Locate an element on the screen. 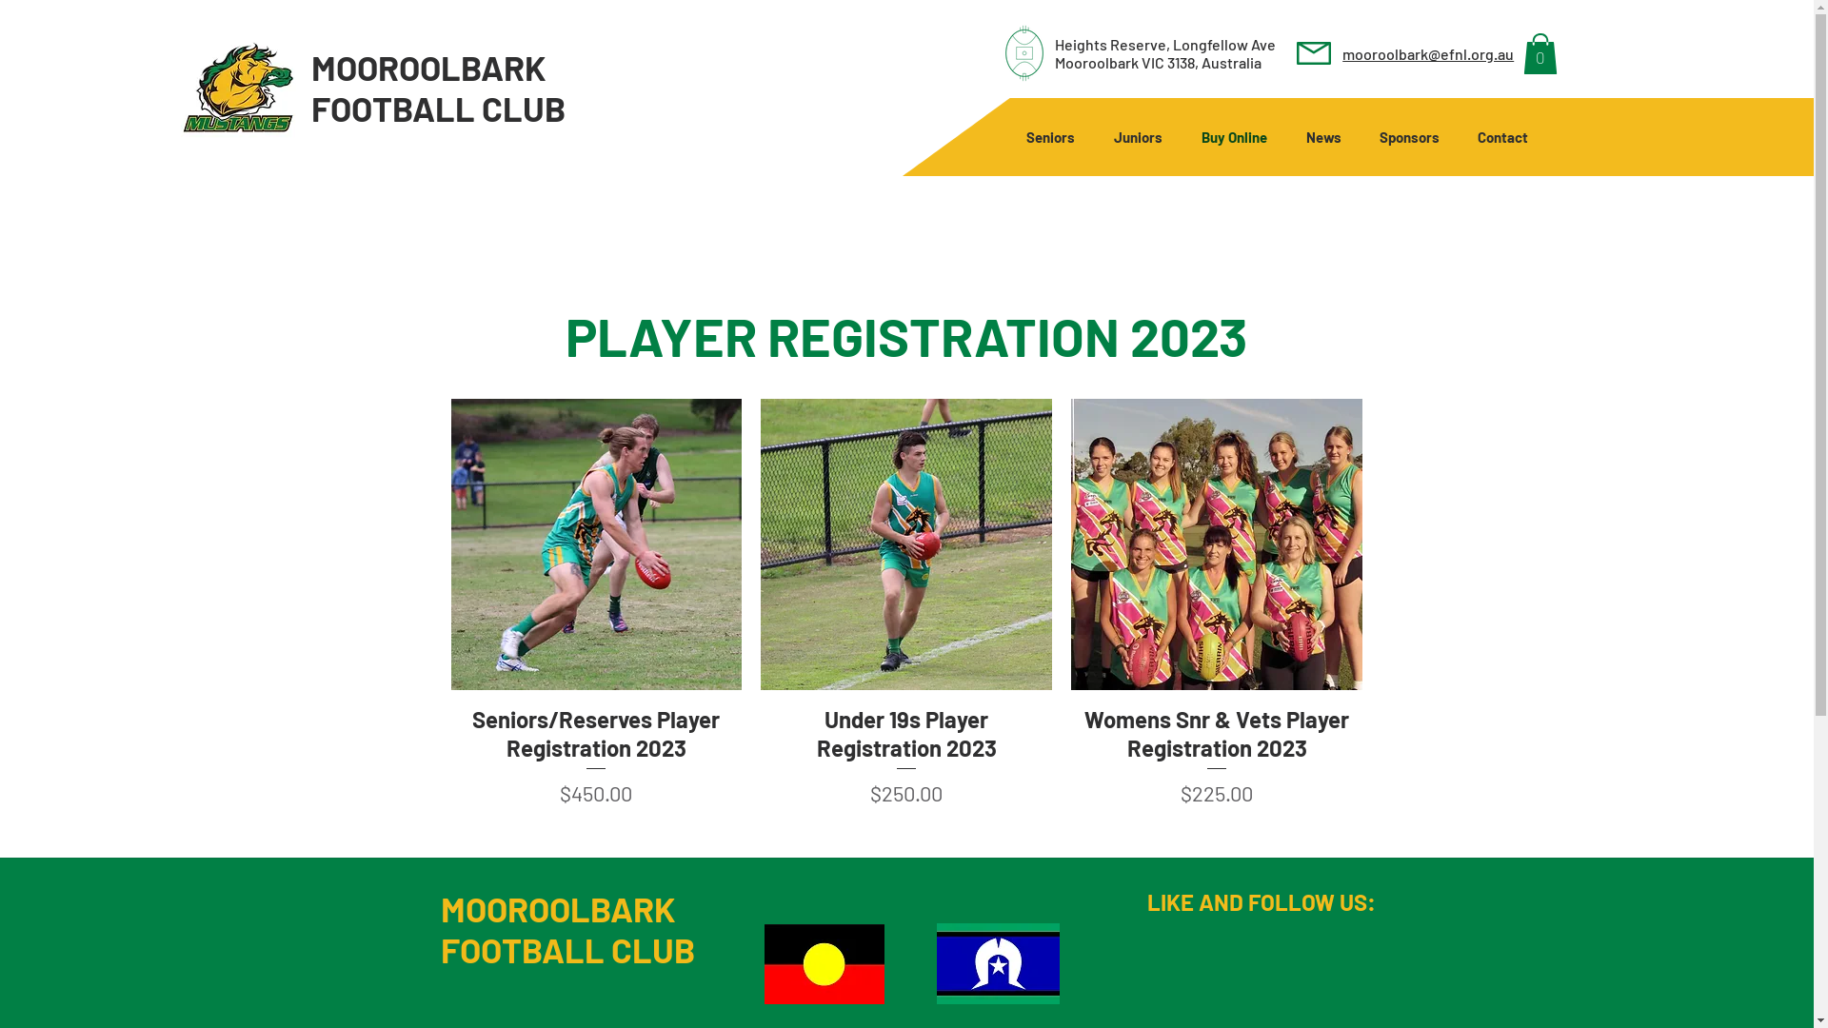  'MOOROOLBARK' is located at coordinates (427, 66).